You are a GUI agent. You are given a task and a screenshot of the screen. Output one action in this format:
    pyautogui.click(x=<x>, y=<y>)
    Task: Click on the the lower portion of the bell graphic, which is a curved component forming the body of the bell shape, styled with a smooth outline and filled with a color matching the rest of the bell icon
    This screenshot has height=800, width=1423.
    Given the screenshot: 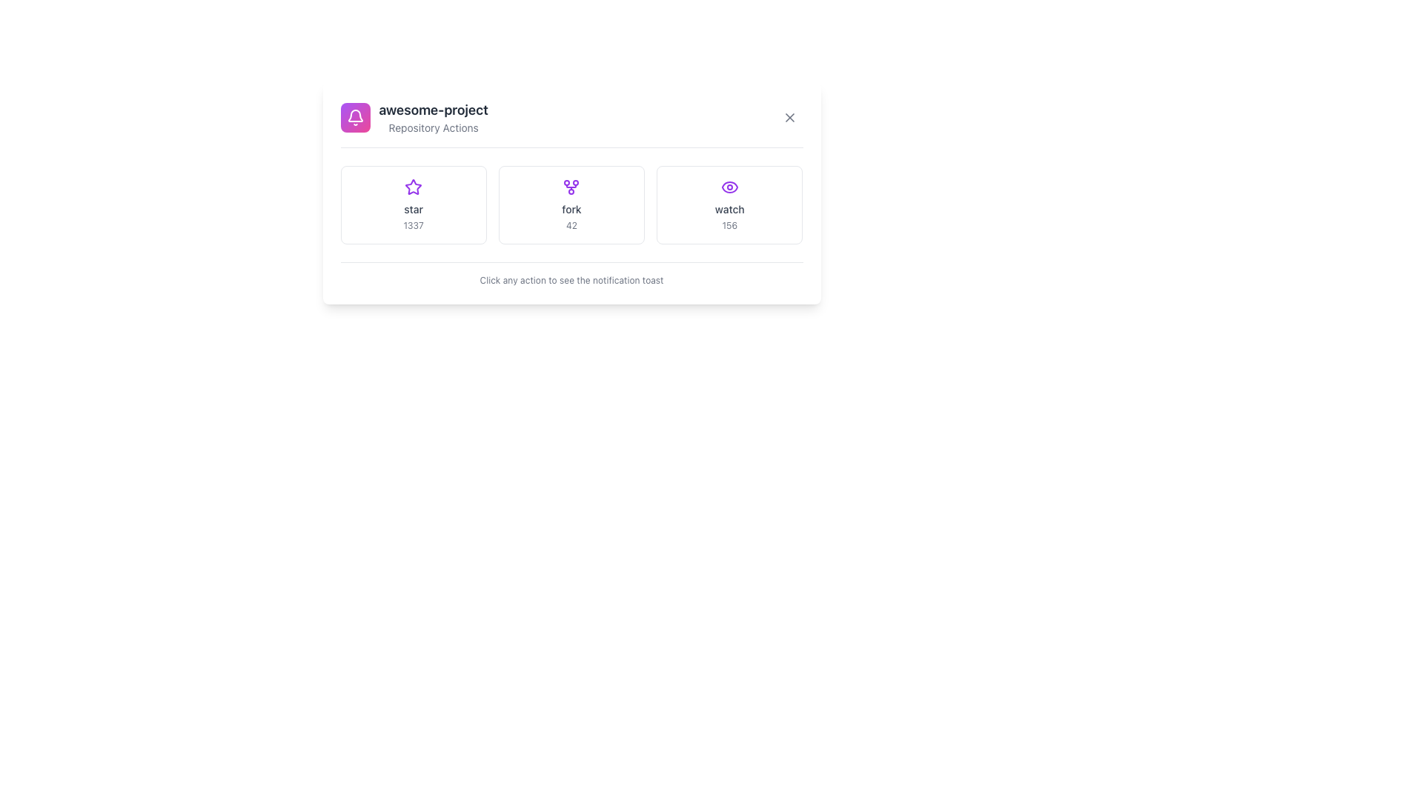 What is the action you would take?
    pyautogui.click(x=354, y=115)
    